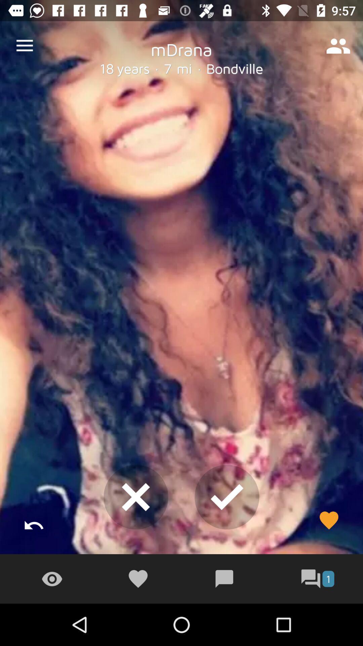 This screenshot has height=646, width=363. I want to click on the undo icon, so click(34, 520).